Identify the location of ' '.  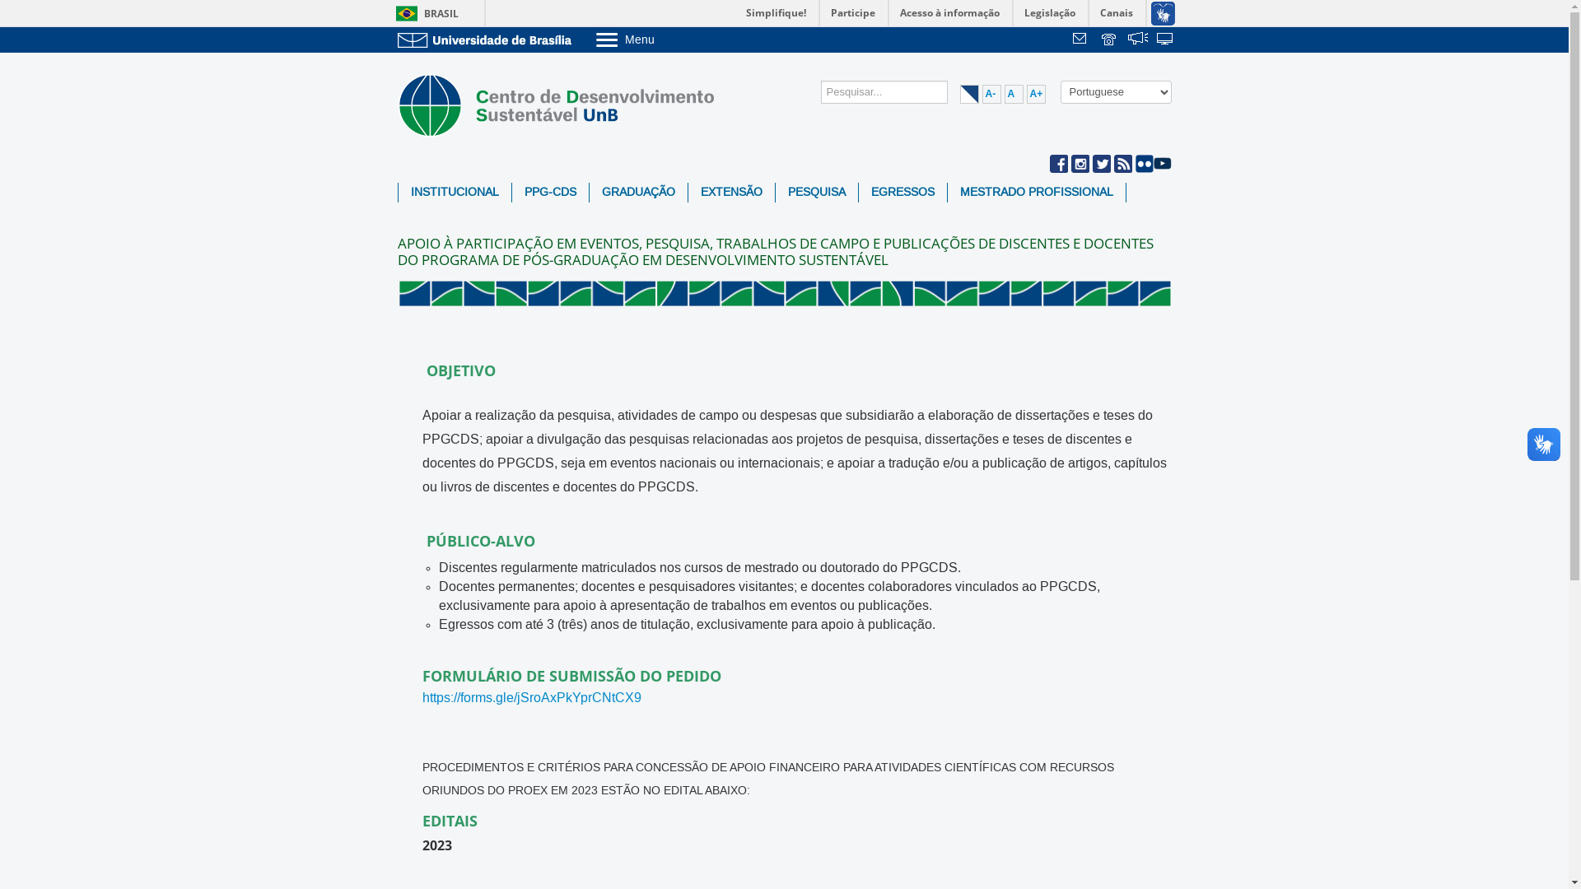
(1165, 40).